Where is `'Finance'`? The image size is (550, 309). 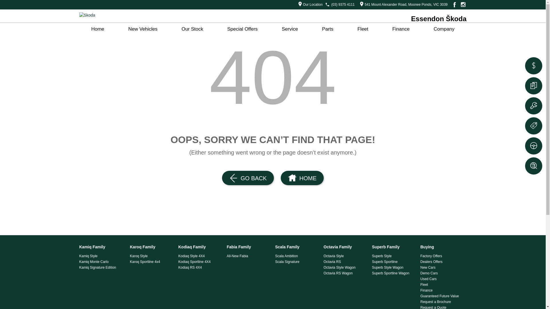 'Finance' is located at coordinates (442, 290).